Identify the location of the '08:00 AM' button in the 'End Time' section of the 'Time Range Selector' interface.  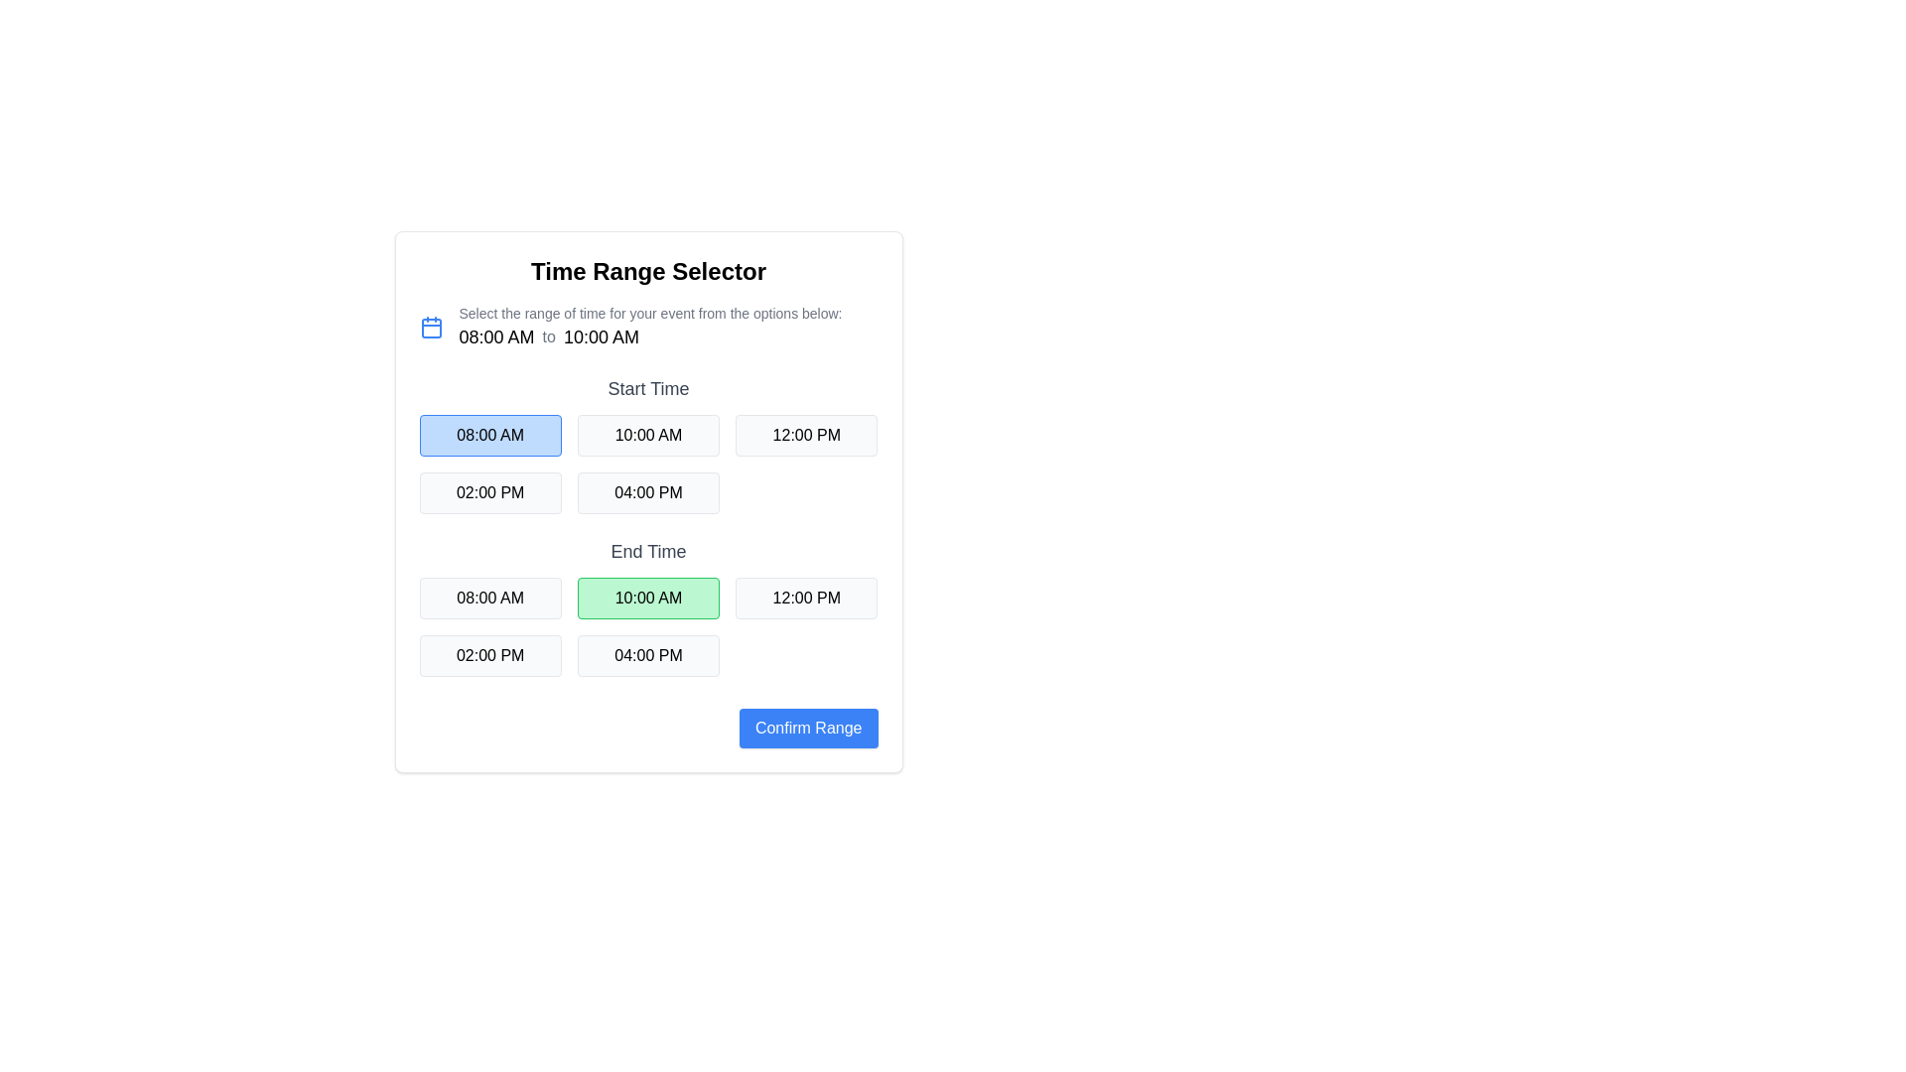
(490, 597).